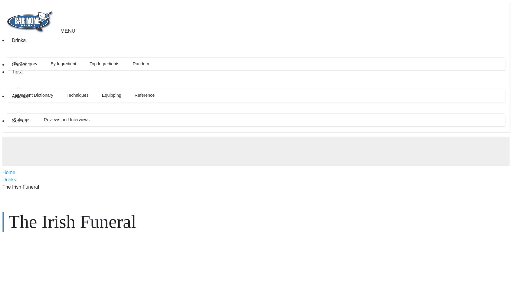 This screenshot has height=295, width=512. Describe the element at coordinates (19, 120) in the screenshot. I see `'Search'` at that location.